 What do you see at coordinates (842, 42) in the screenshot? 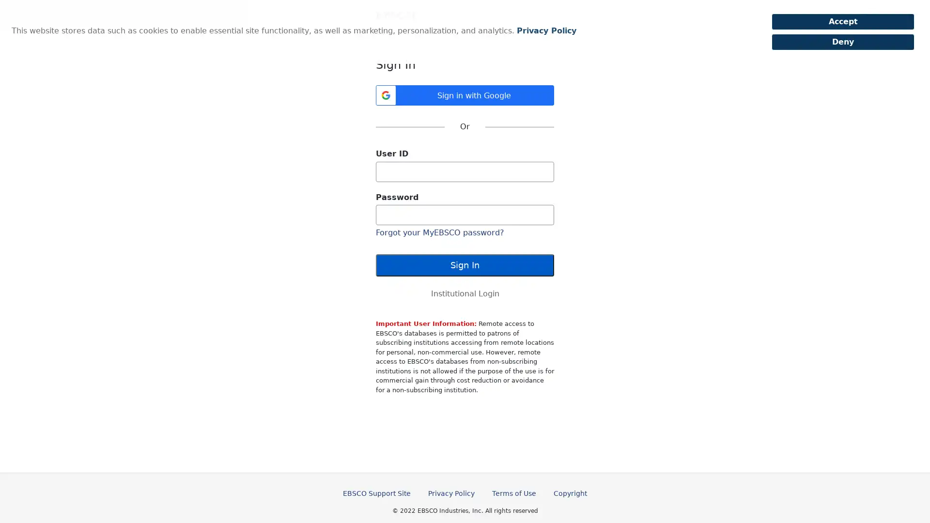
I see `Deny` at bounding box center [842, 42].